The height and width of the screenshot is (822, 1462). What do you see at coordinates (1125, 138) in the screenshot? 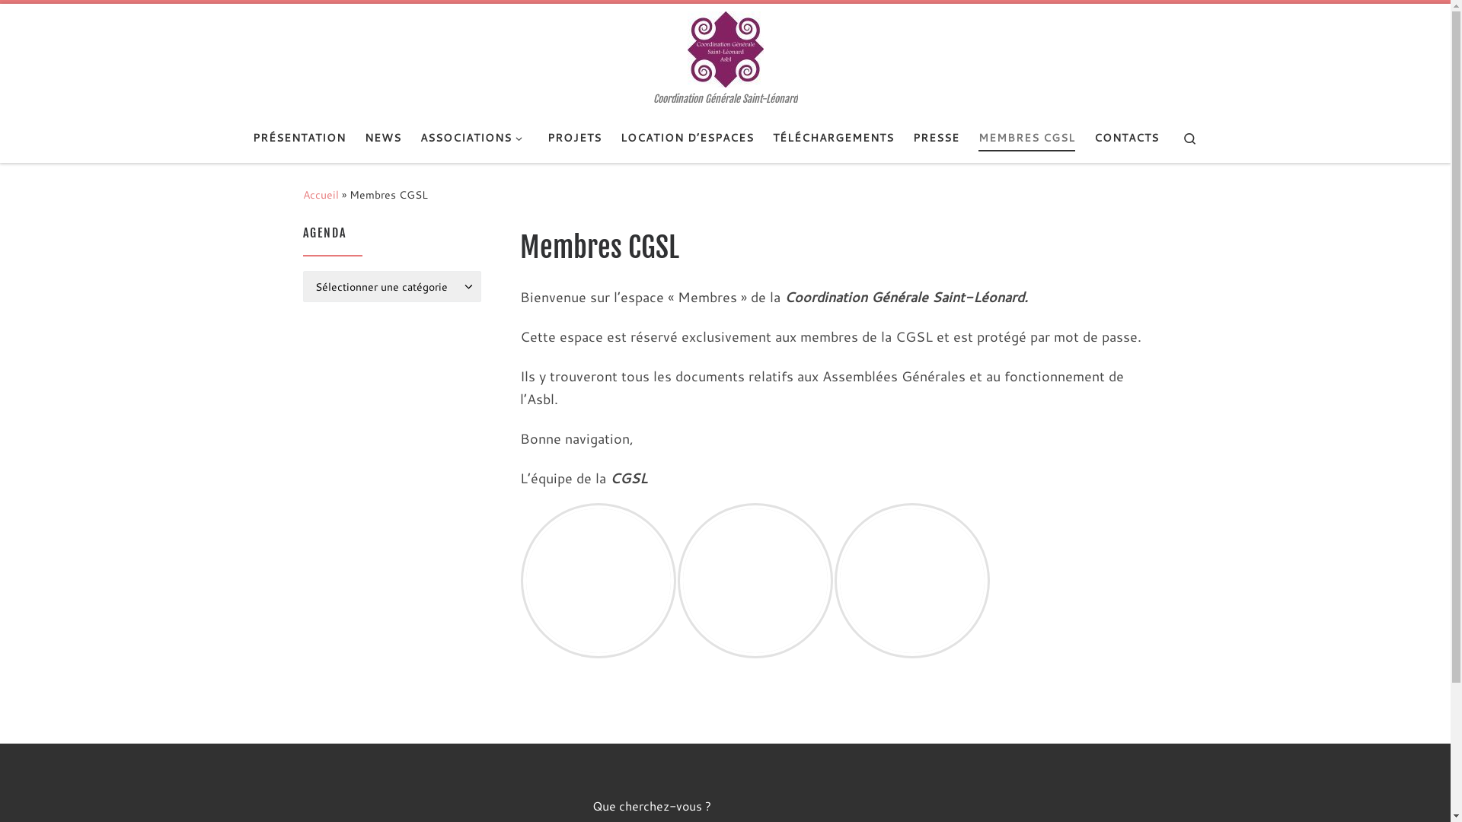
I see `'CONTACTS'` at bounding box center [1125, 138].